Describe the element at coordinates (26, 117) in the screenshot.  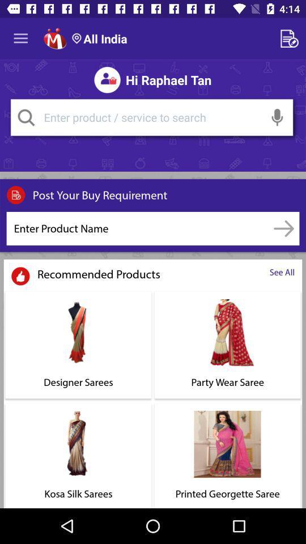
I see `the search icon` at that location.